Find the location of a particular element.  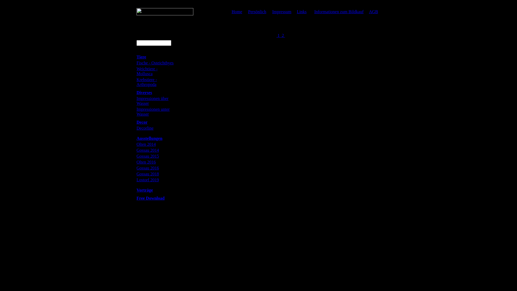

' 1 ' is located at coordinates (276, 35).